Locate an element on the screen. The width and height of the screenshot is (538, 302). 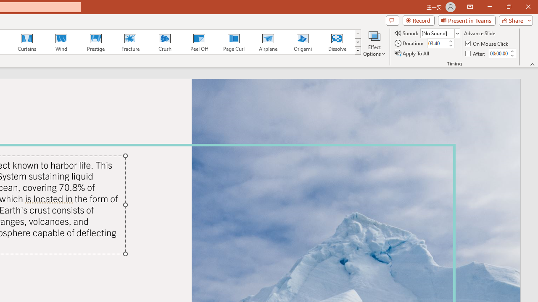
'Peel Off' is located at coordinates (198, 42).